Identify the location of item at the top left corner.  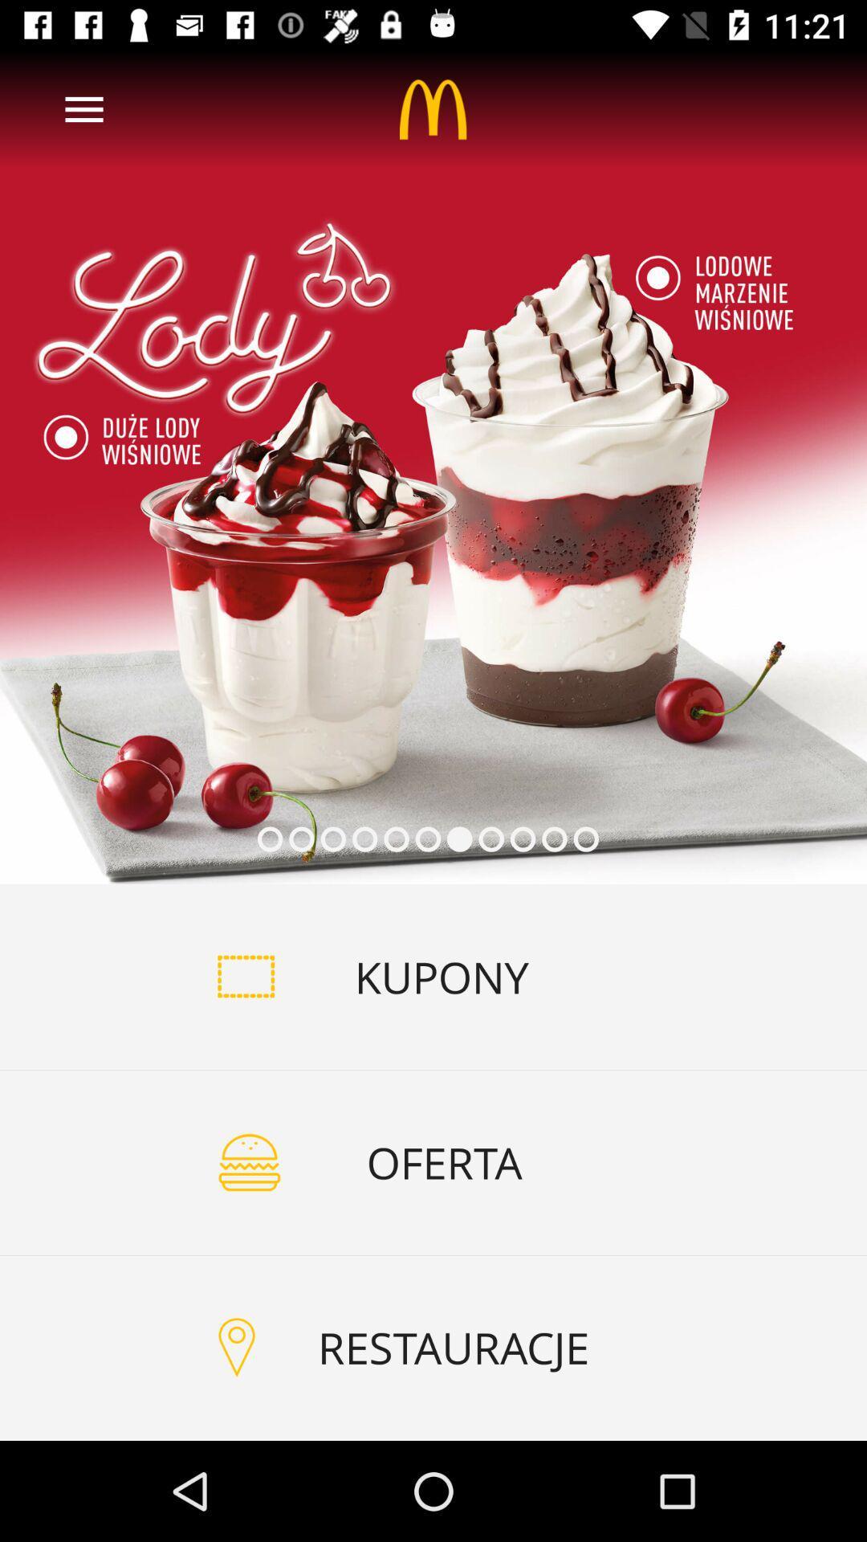
(83, 108).